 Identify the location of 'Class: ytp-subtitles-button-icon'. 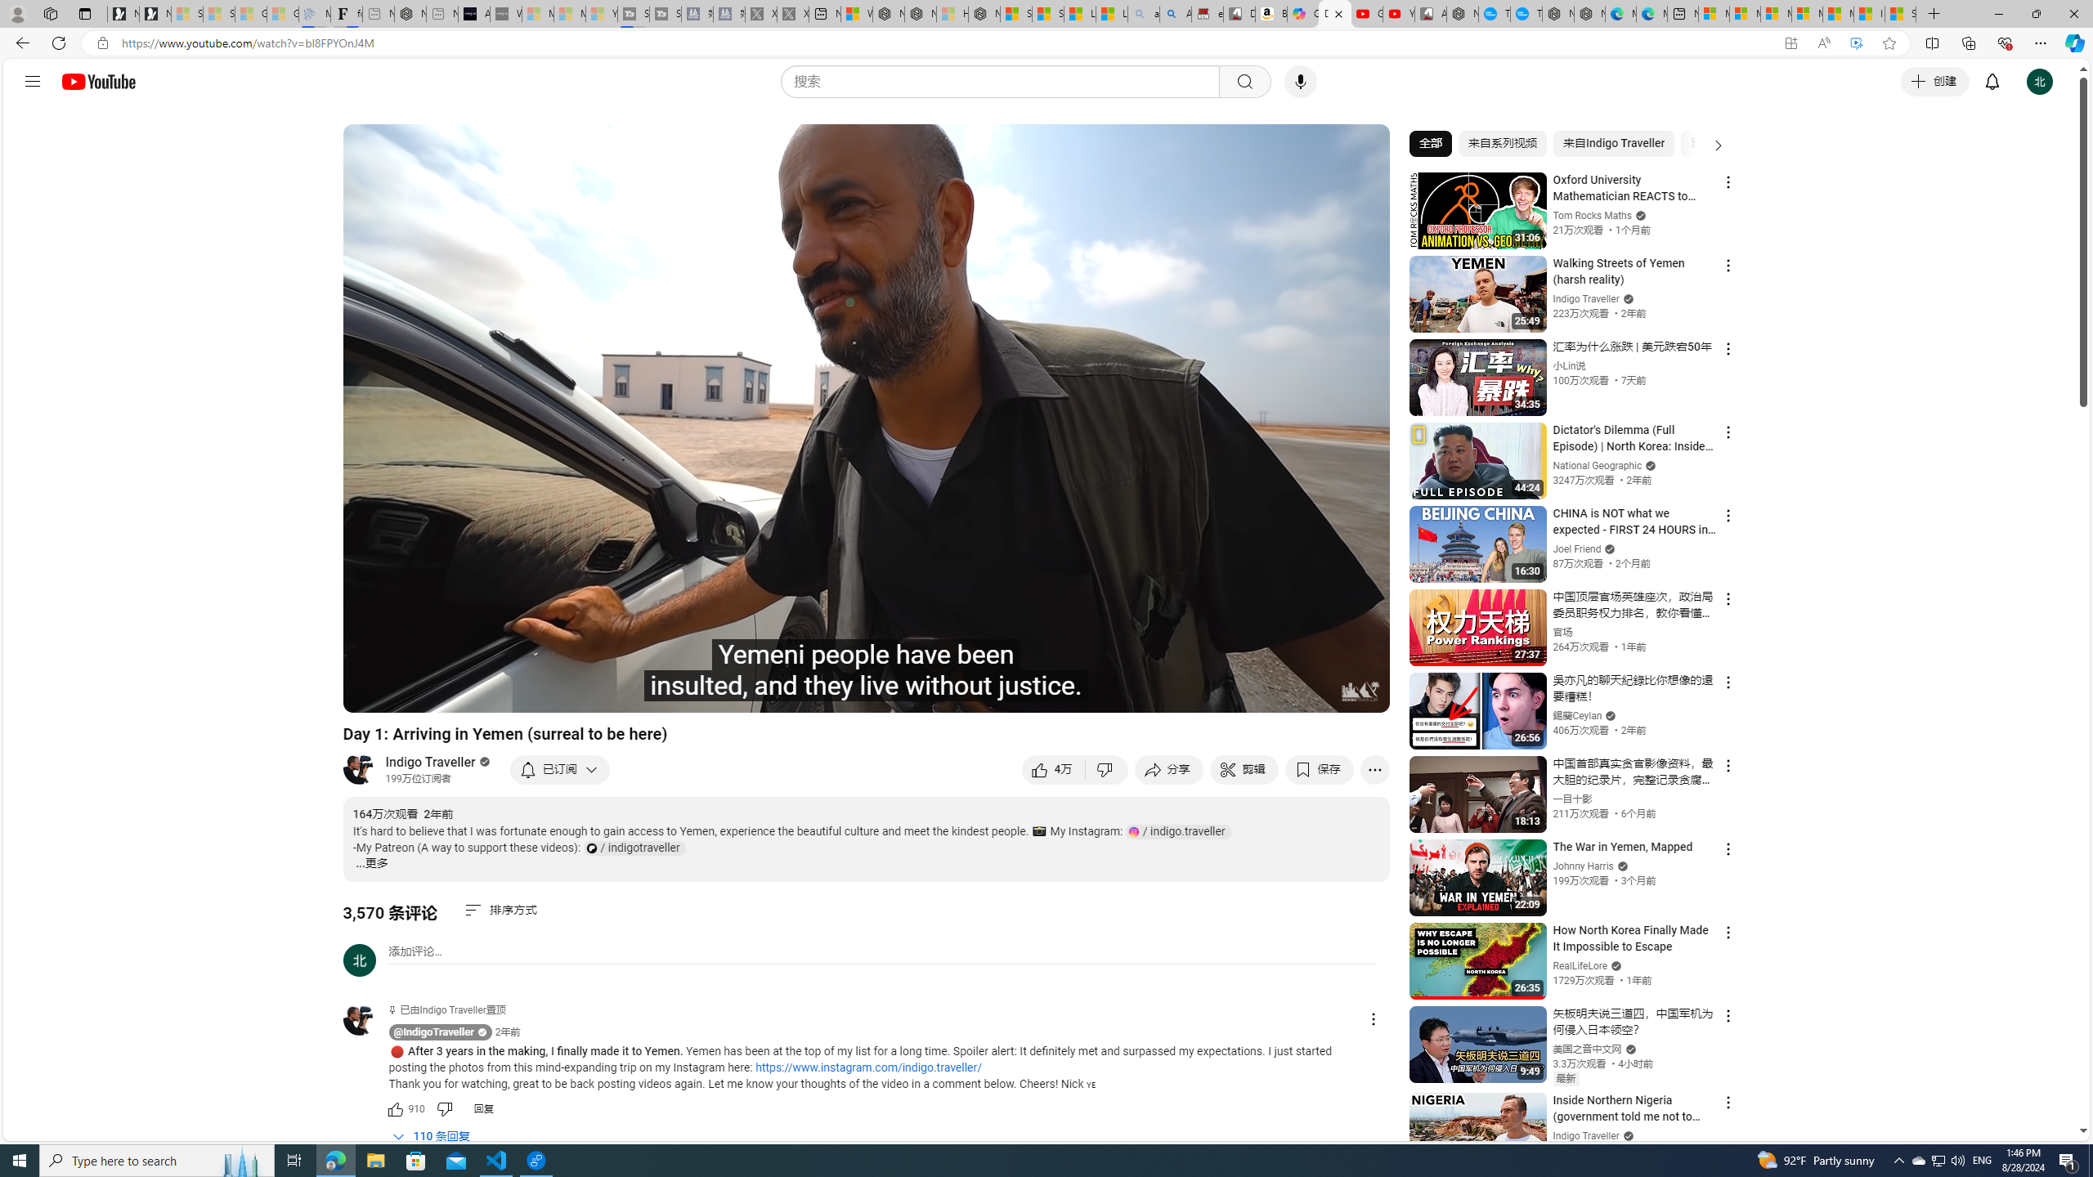
(1203, 692).